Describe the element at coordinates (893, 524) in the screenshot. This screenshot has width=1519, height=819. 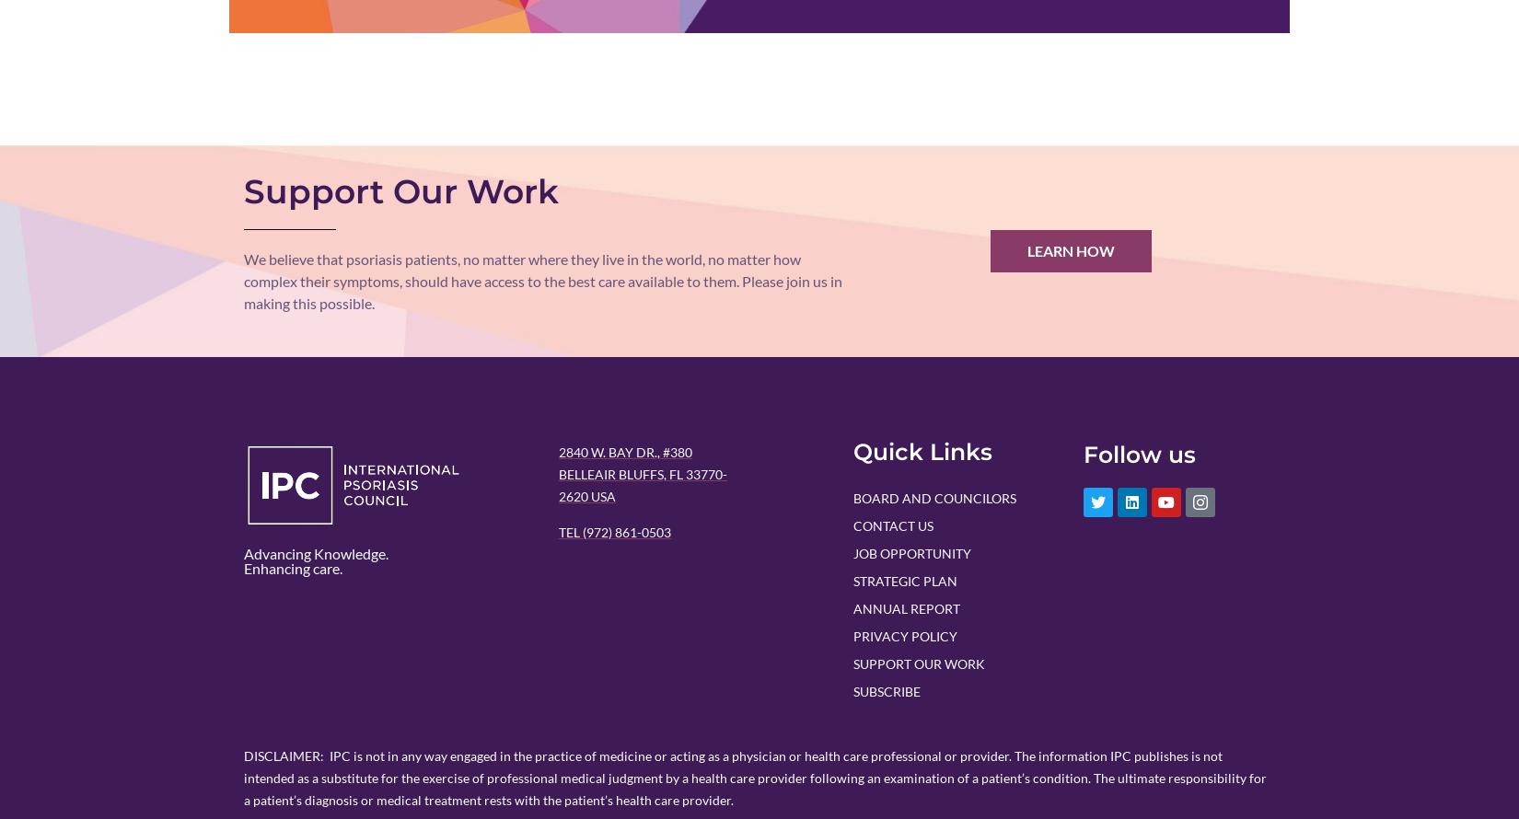
I see `'Contact Us'` at that location.